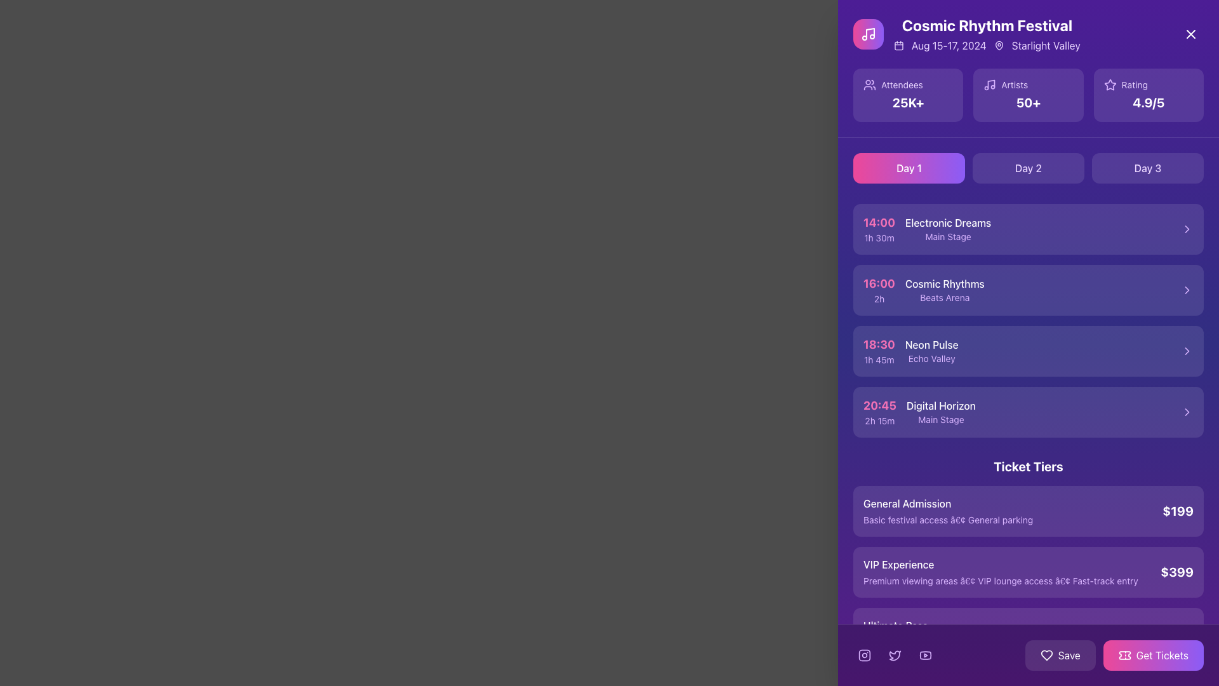 The image size is (1219, 686). I want to click on the header banner displaying 'Cosmic Rhythm Festival' with the subtitle 'Aug 15-17, 2024' and 'Starlight Valley', which includes a rounded square icon with a musical note, located at the top of the right-side panel, so click(966, 34).